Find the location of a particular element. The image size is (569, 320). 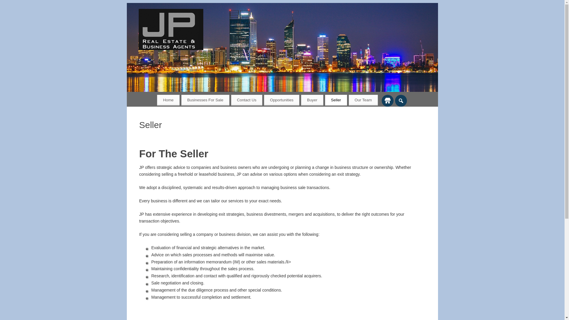

'Our Team' is located at coordinates (363, 100).